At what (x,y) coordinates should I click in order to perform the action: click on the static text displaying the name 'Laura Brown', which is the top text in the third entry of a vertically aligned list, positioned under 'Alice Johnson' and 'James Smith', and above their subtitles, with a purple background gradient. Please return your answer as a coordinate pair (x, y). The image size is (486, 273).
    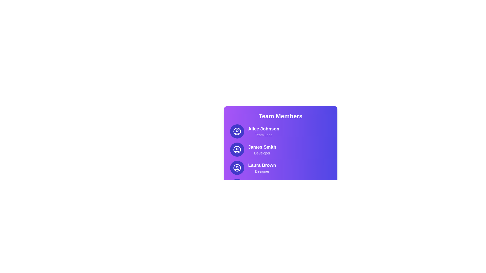
    Looking at the image, I should click on (262, 165).